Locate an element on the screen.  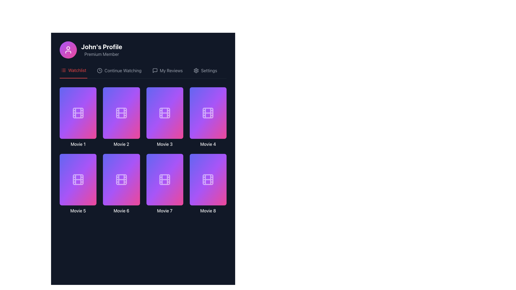
the play icon within the red circular button in the 'Movie 5' card is located at coordinates (78, 177).